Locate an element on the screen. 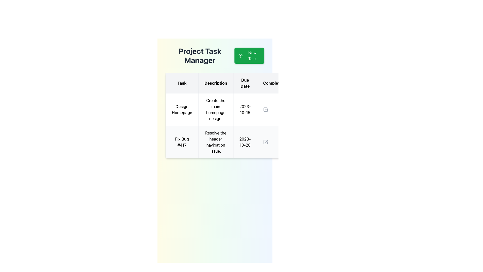  the header cell for the 'Description' column in the table, which is the second cell in the header row, positioned between 'Task' and 'Due Date' is located at coordinates (216, 83).